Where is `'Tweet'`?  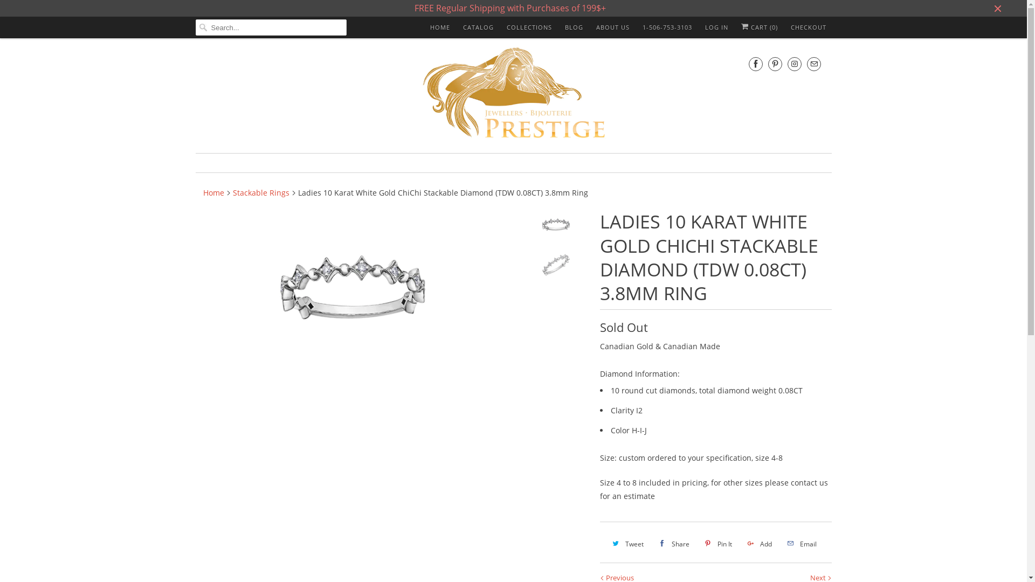 'Tweet' is located at coordinates (626, 544).